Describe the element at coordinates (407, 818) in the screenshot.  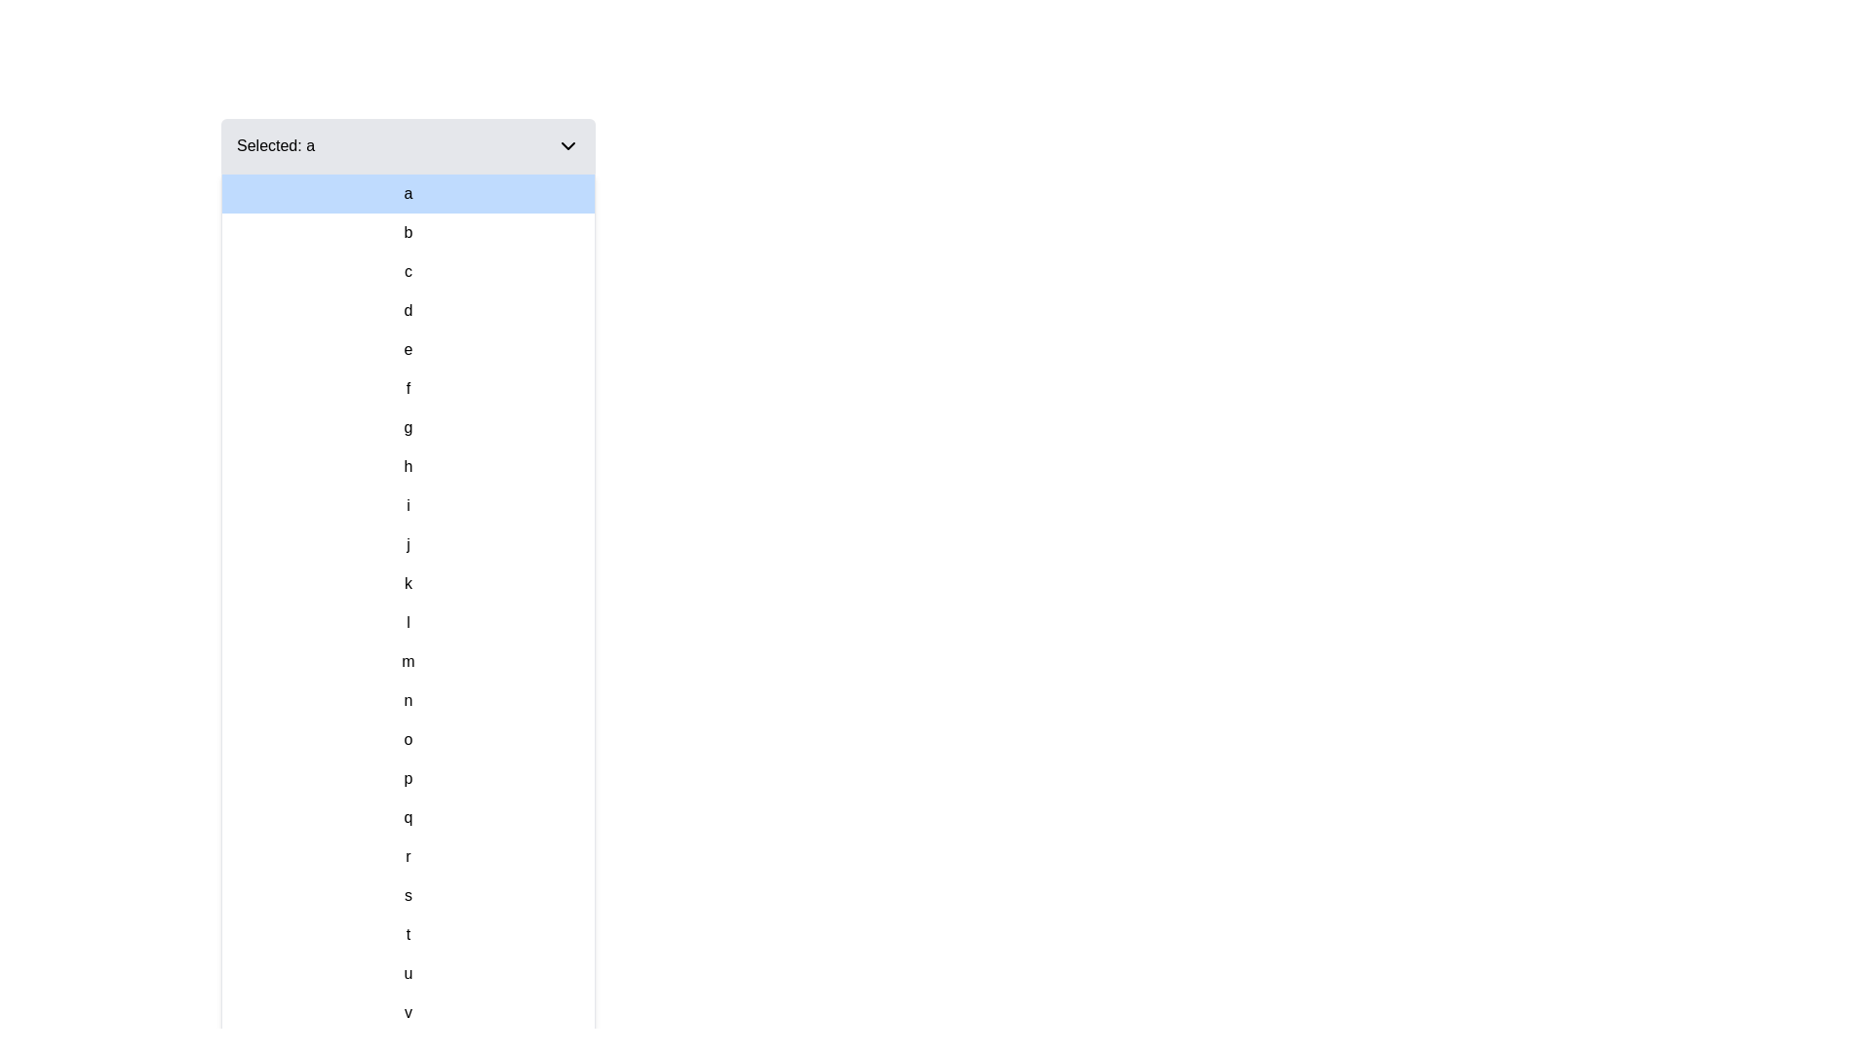
I see `the text entry 'q' displayed in the scrollable list, positioned at the 17th spot in the alphabetical order` at that location.